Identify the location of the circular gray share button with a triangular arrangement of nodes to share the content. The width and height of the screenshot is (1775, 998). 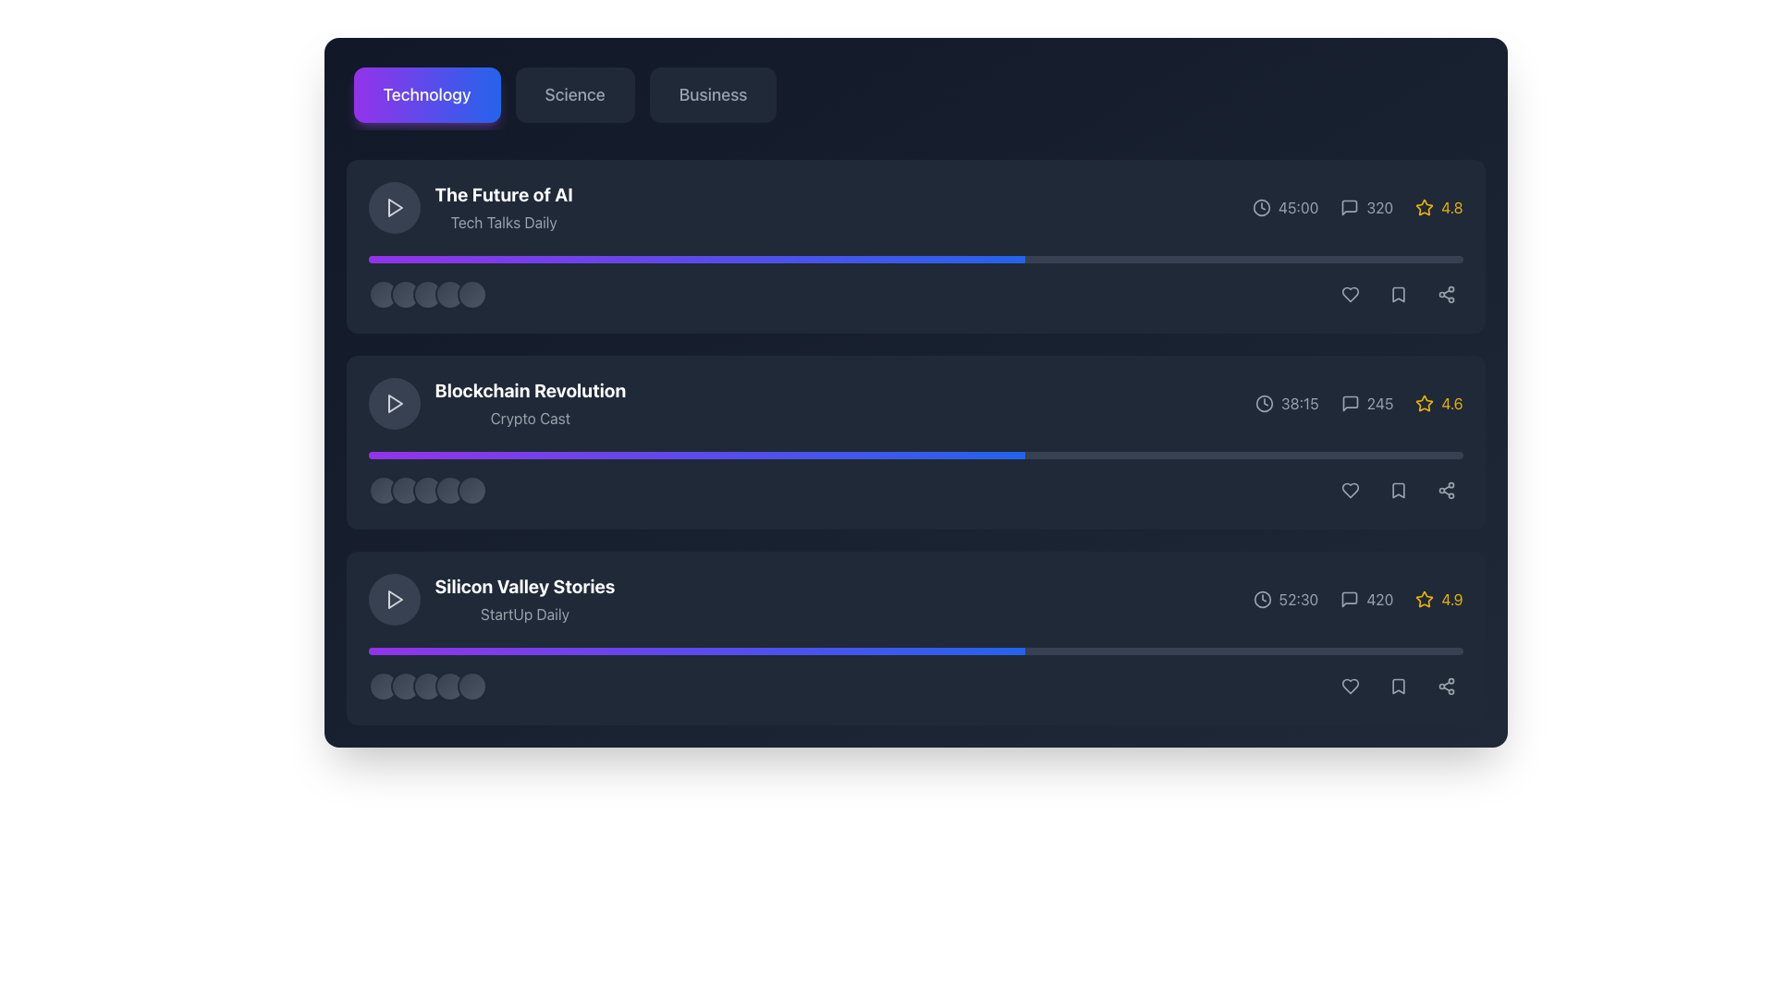
(1445, 294).